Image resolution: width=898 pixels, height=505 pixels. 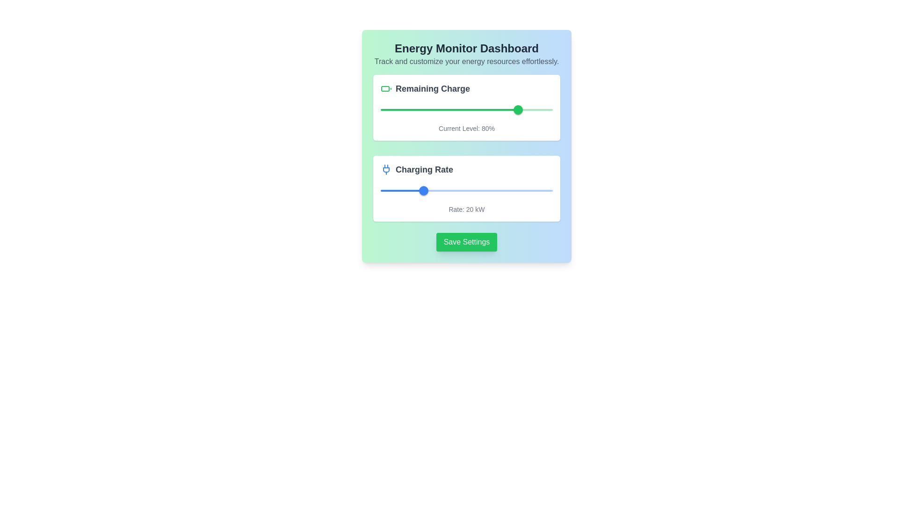 I want to click on the green battery icon with a thin outline and rounded edges, located at the top-left of the 'Remaining Charge' section, preceding the text title 'Remaining Charge', so click(x=386, y=88).